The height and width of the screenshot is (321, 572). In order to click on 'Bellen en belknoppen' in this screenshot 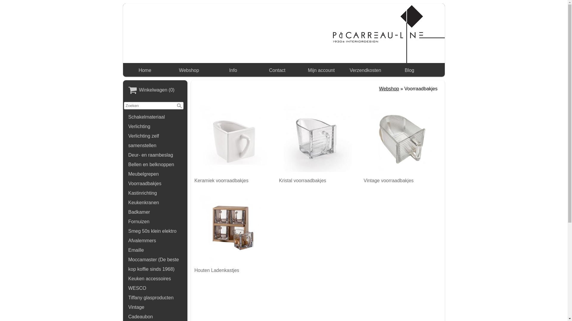, I will do `click(155, 165)`.